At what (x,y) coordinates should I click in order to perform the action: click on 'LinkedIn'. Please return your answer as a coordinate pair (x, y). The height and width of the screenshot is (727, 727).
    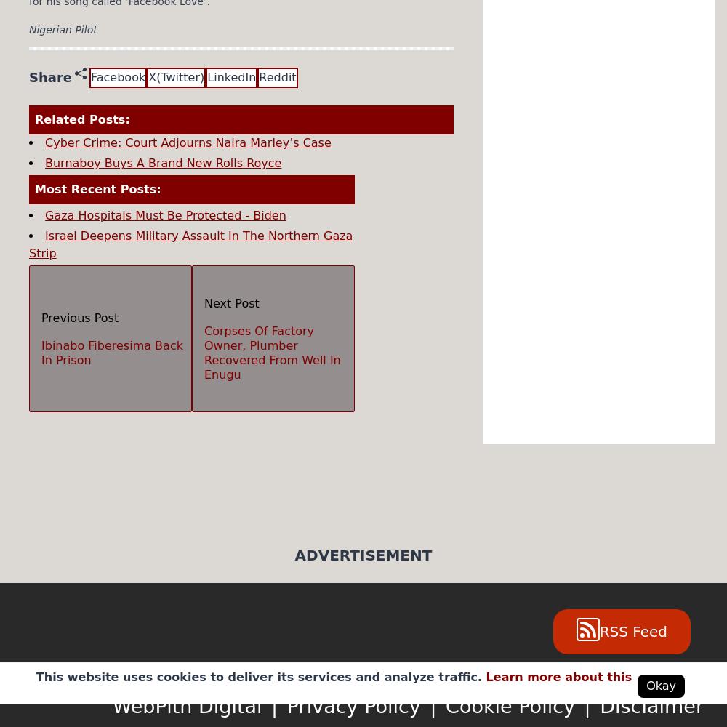
    Looking at the image, I should click on (230, 76).